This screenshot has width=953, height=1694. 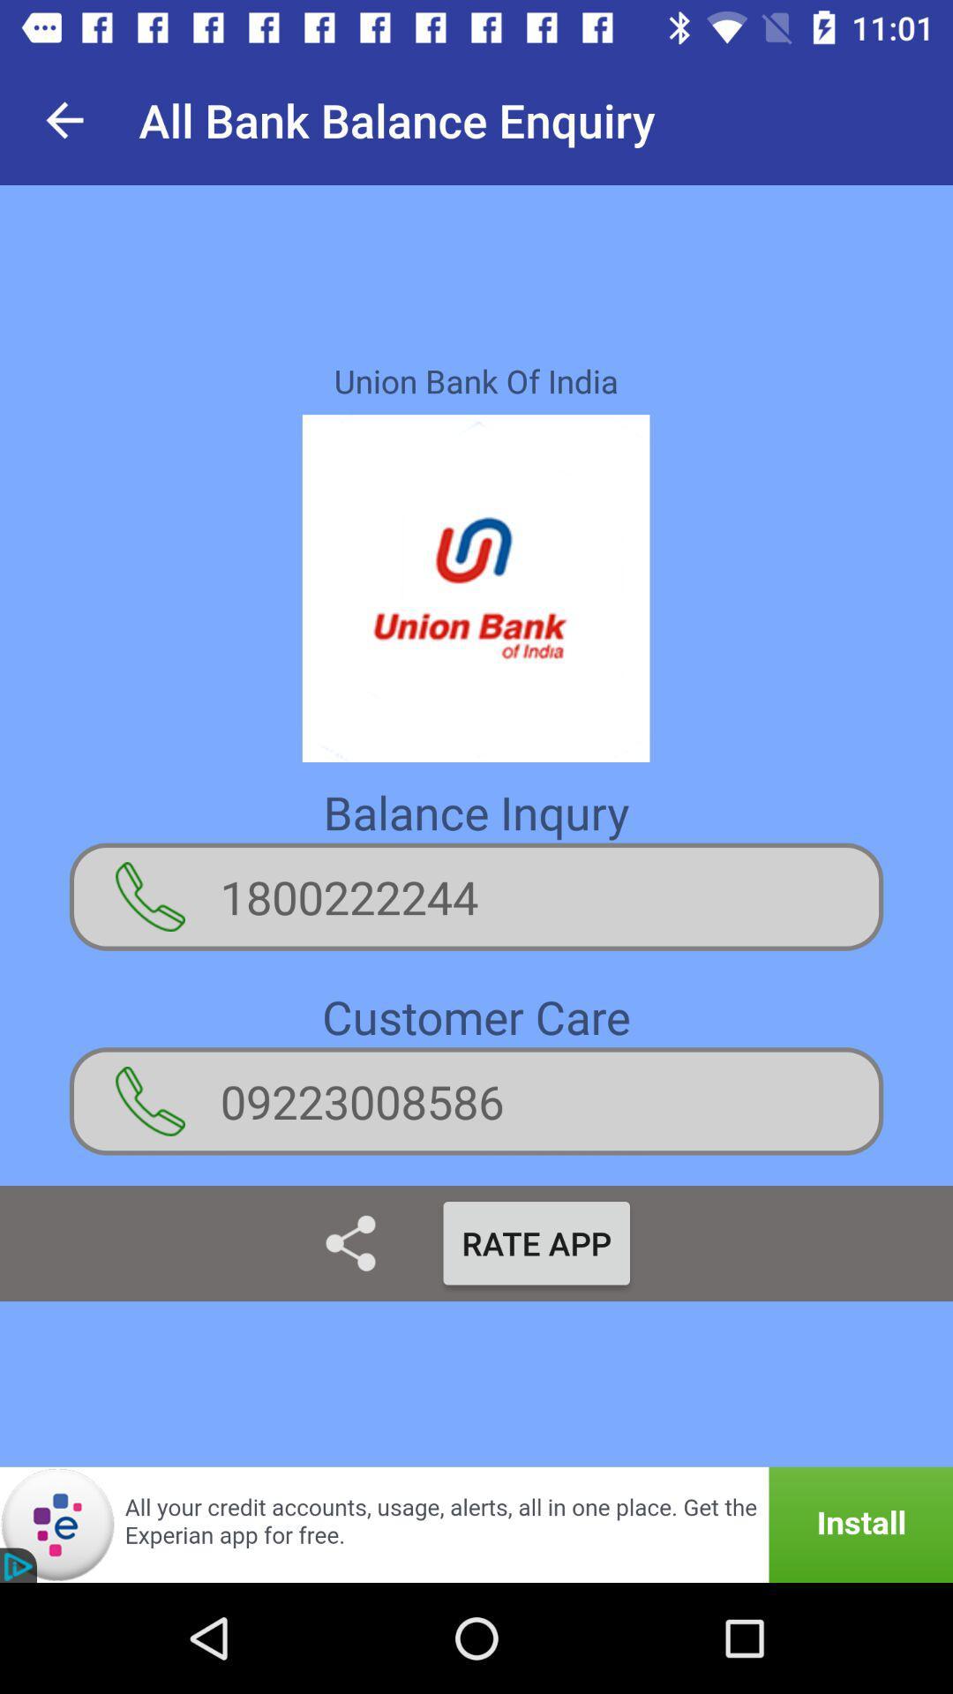 I want to click on app to the left of the all bank balance app, so click(x=64, y=119).